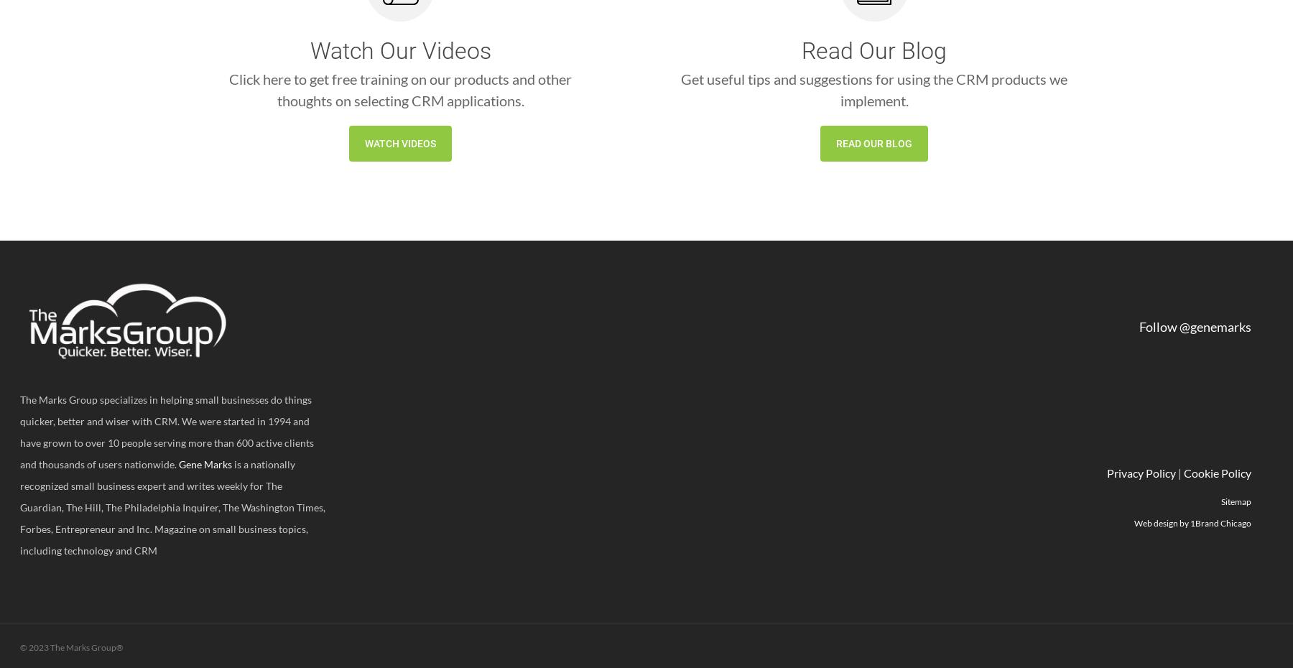 The height and width of the screenshot is (668, 1293). I want to click on 'Privacy Policy', so click(1139, 471).